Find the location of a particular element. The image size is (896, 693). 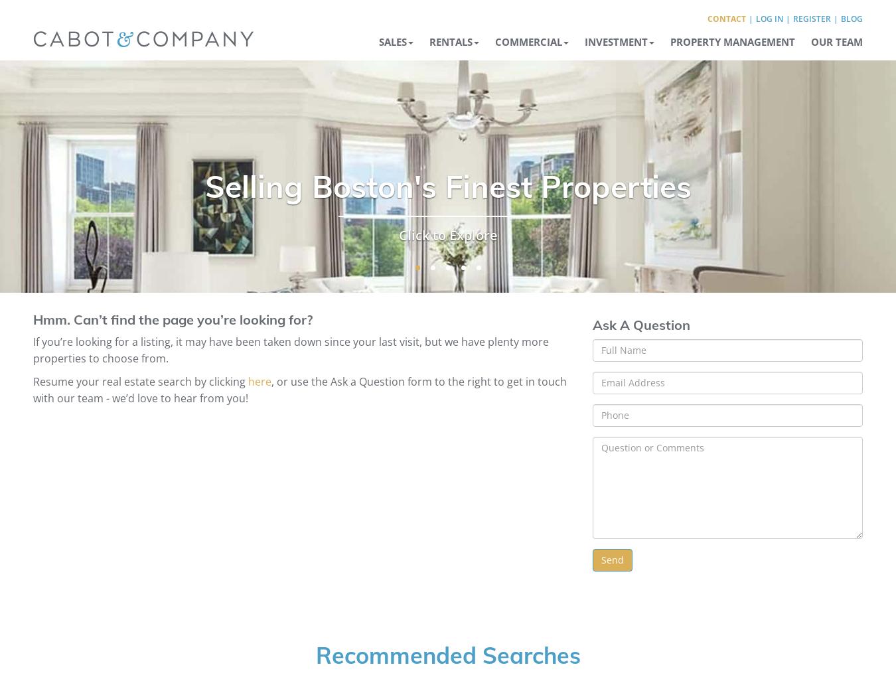

'Investment' is located at coordinates (585, 40).